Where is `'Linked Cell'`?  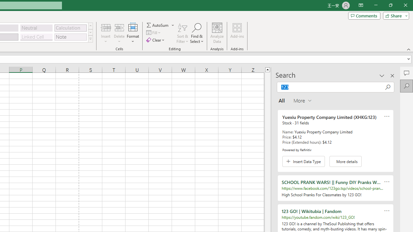
'Linked Cell' is located at coordinates (36, 37).